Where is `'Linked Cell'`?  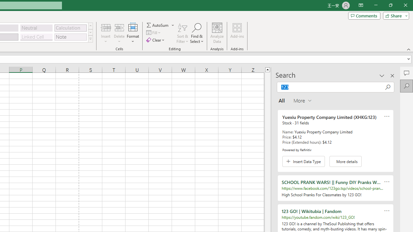
'Linked Cell' is located at coordinates (36, 37).